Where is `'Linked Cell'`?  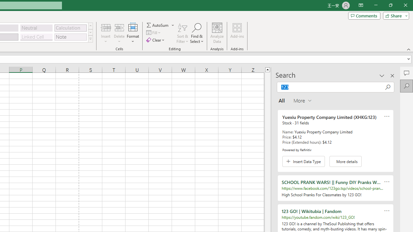
'Linked Cell' is located at coordinates (36, 37).